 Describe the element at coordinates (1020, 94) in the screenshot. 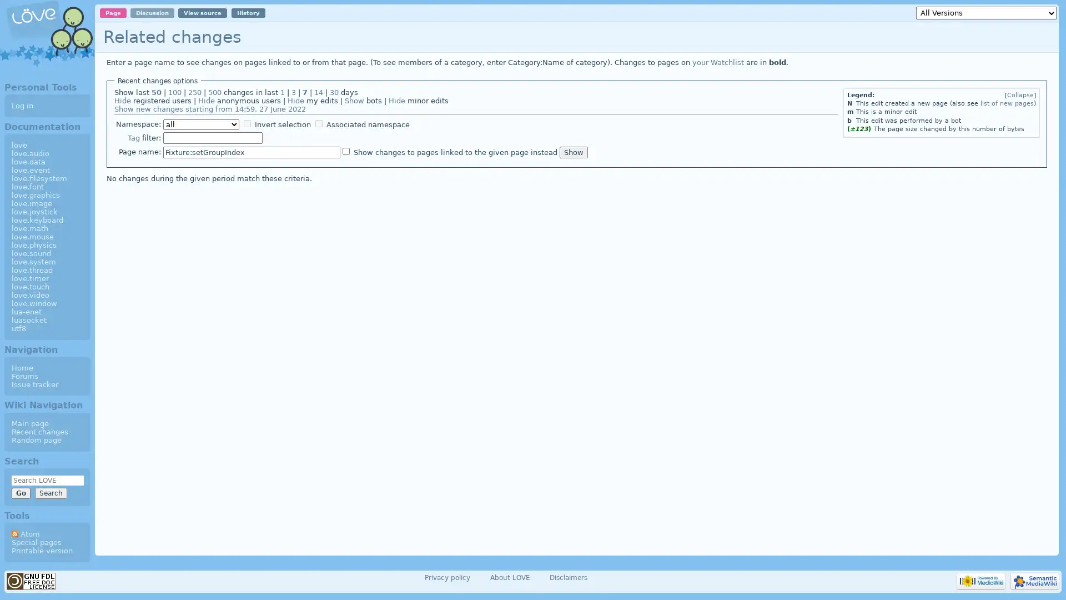

I see `[Collapse]` at that location.